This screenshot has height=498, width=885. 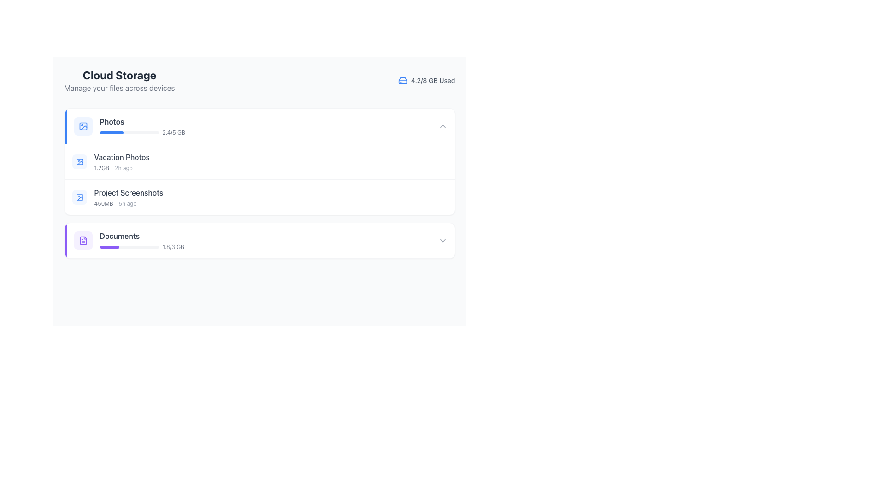 I want to click on the leftmost segment of the progress bar indicating the percentage of storage used for 'Photos' in the Cloud Storage interface, so click(x=111, y=133).